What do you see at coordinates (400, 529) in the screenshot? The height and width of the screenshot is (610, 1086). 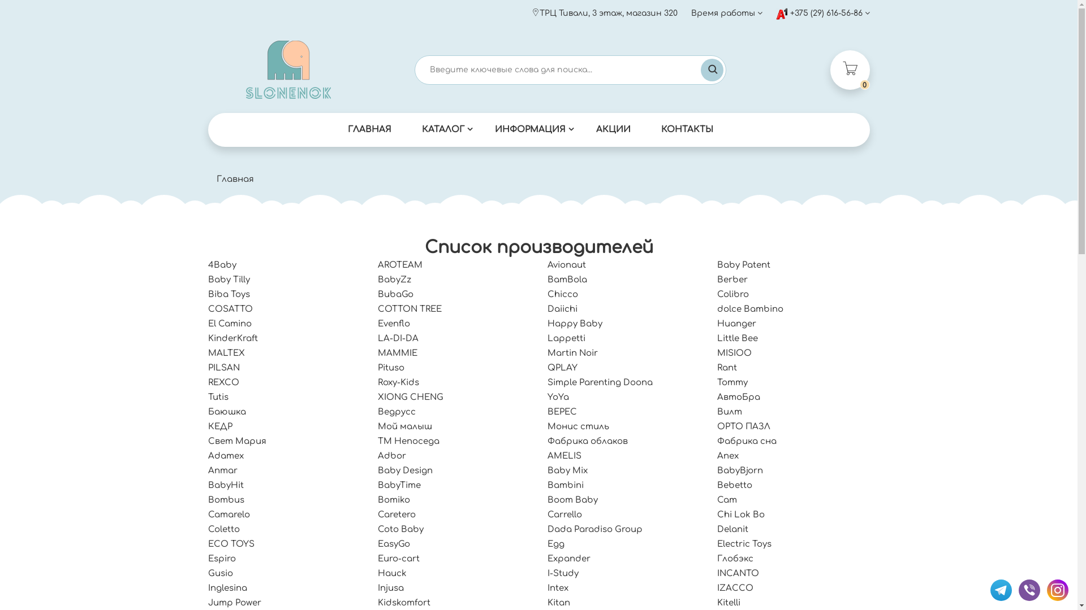 I see `'Coto Baby'` at bounding box center [400, 529].